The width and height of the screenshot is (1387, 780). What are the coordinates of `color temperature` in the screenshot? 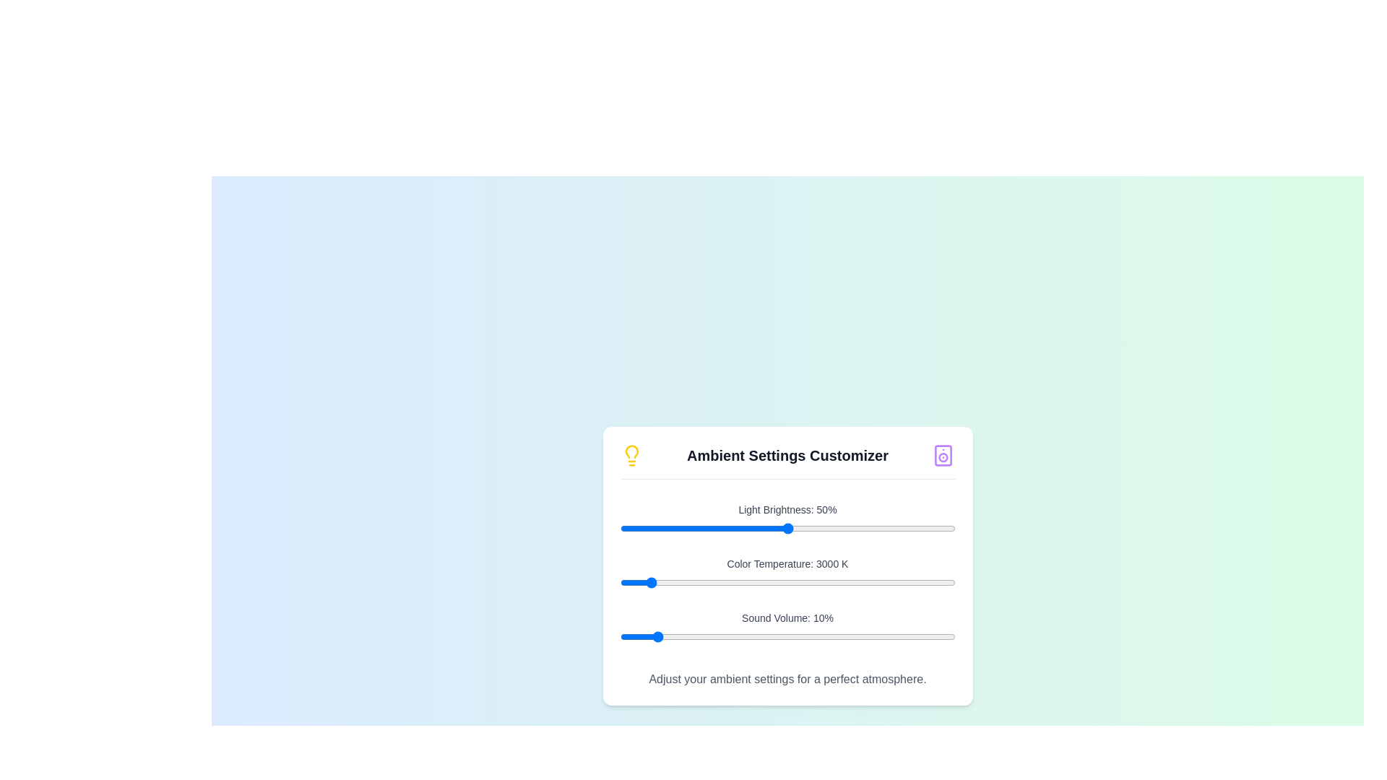 It's located at (829, 581).